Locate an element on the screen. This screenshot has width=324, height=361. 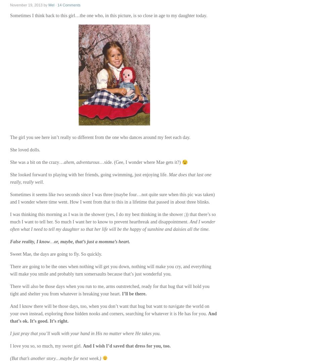
'I wonder often what I need to tell my daughter so that her life will be the happy of sunshine and daisies all the time.' is located at coordinates (112, 225).